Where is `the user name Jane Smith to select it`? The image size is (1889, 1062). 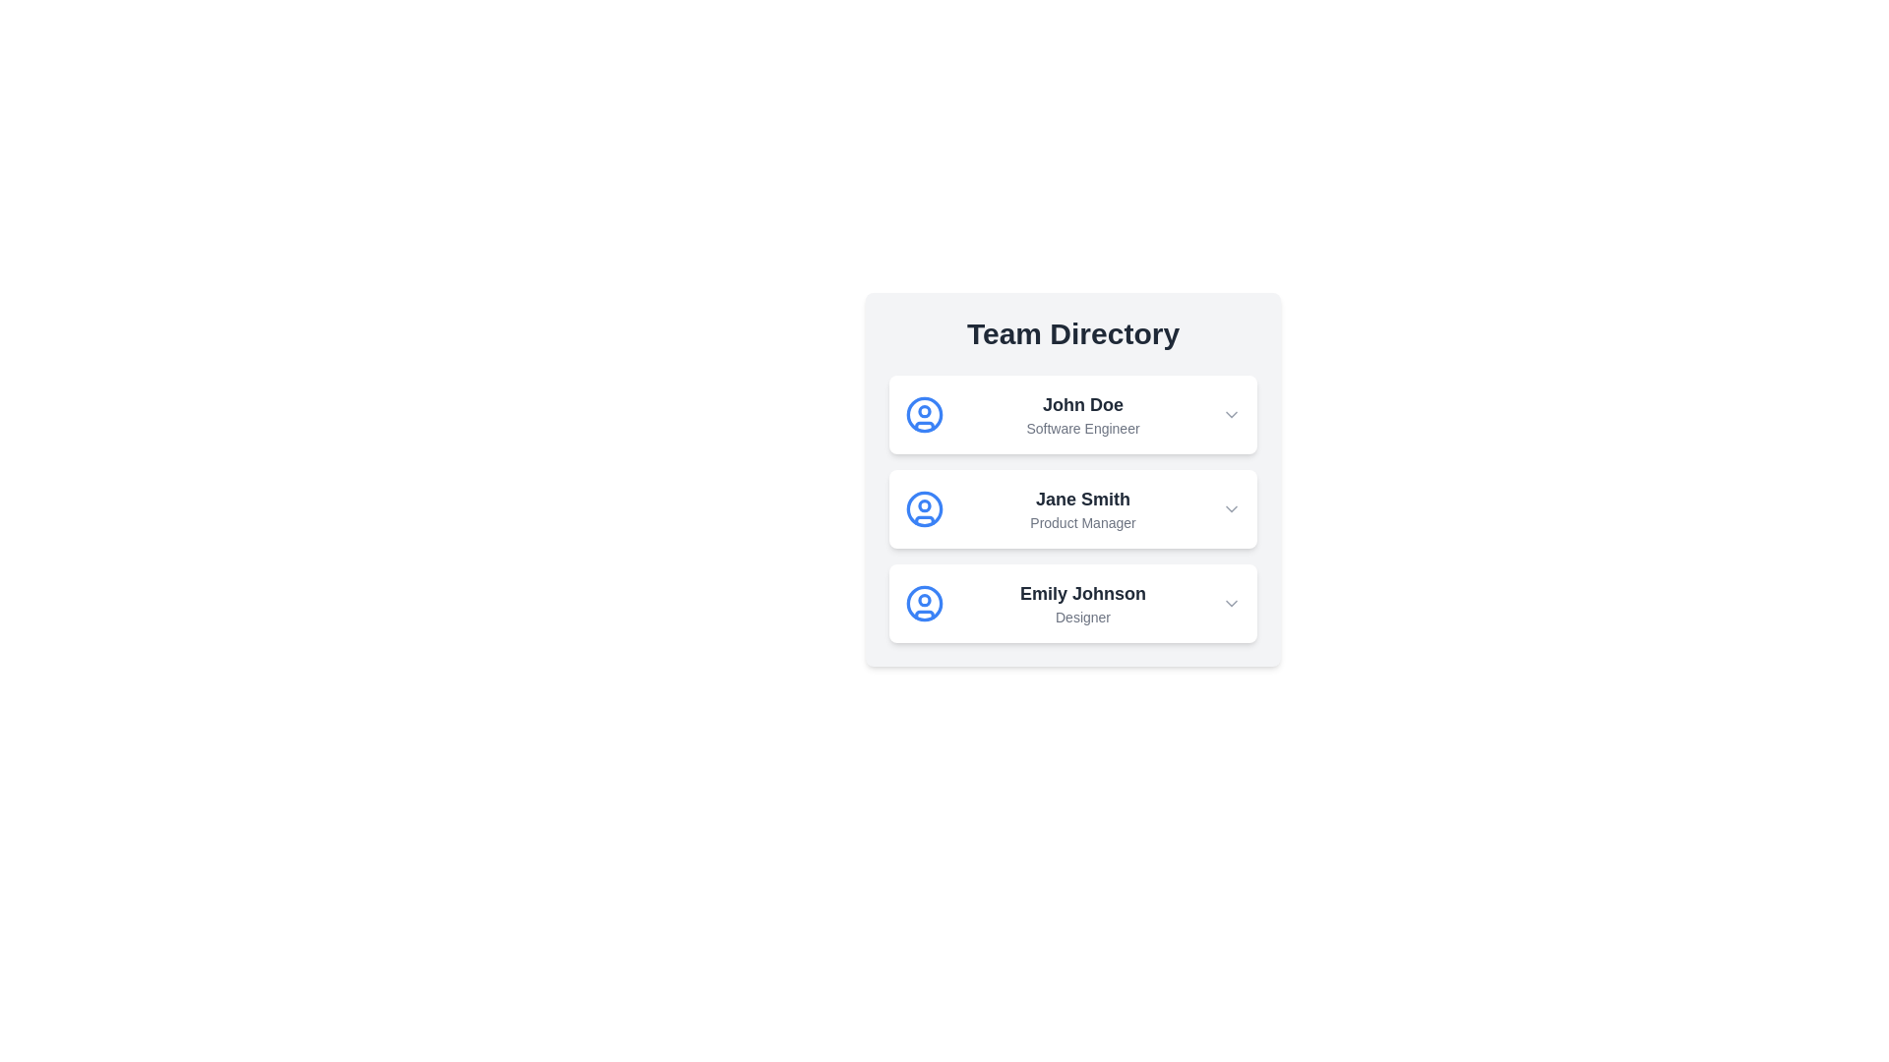
the user name Jane Smith to select it is located at coordinates (1081, 499).